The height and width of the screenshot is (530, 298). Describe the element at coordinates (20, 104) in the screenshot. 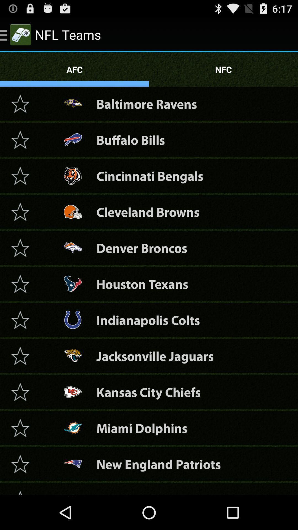

I see `favorite` at that location.